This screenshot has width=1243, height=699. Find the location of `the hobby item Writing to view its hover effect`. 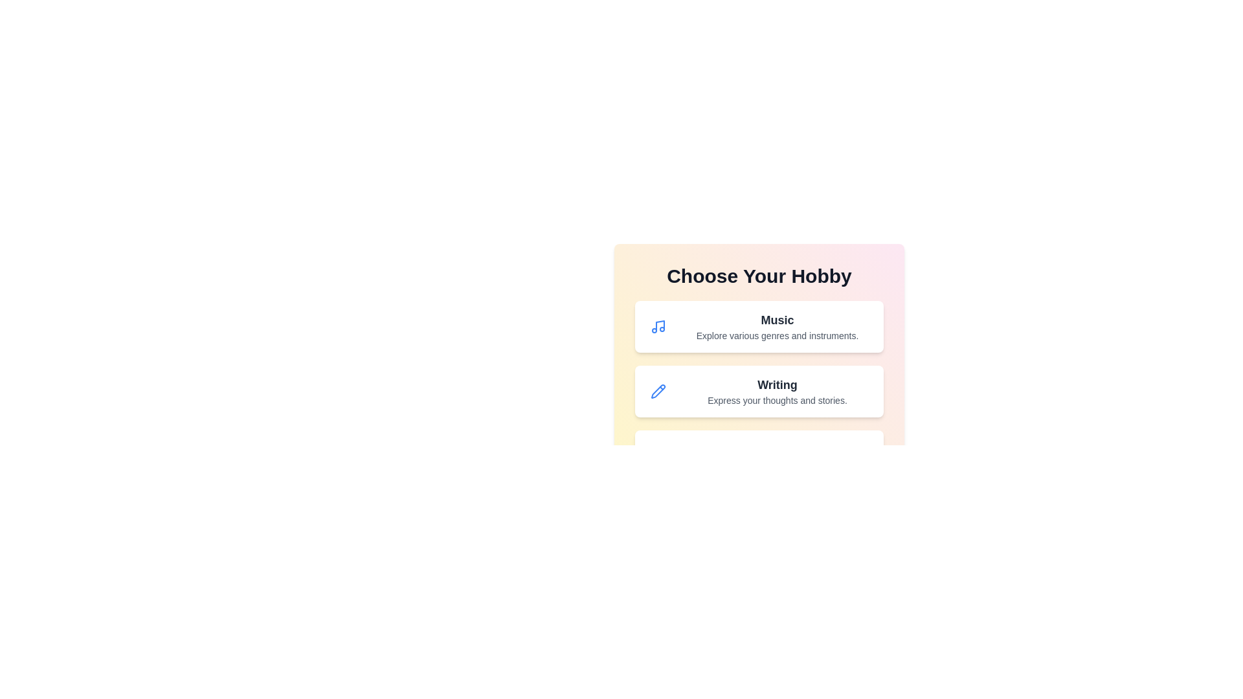

the hobby item Writing to view its hover effect is located at coordinates (759, 391).